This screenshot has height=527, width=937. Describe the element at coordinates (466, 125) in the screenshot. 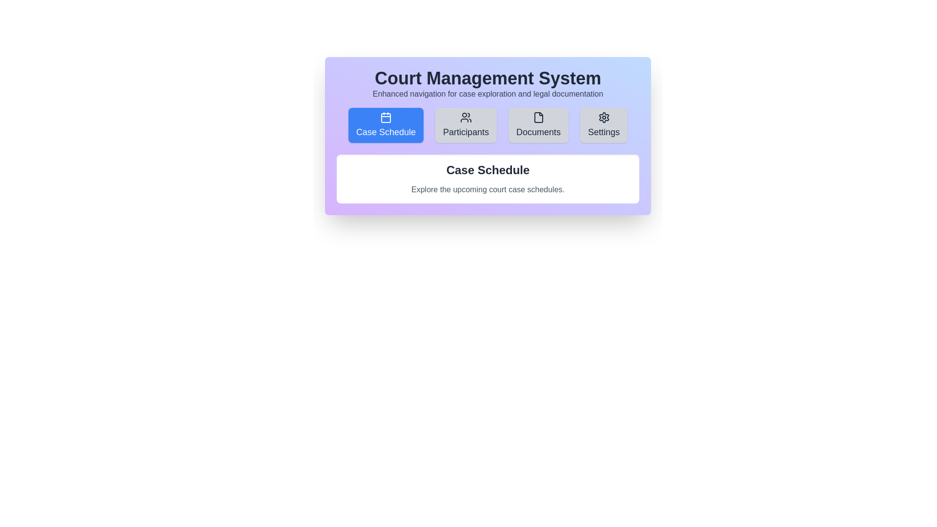

I see `the Participants tab by clicking on its corresponding button` at that location.